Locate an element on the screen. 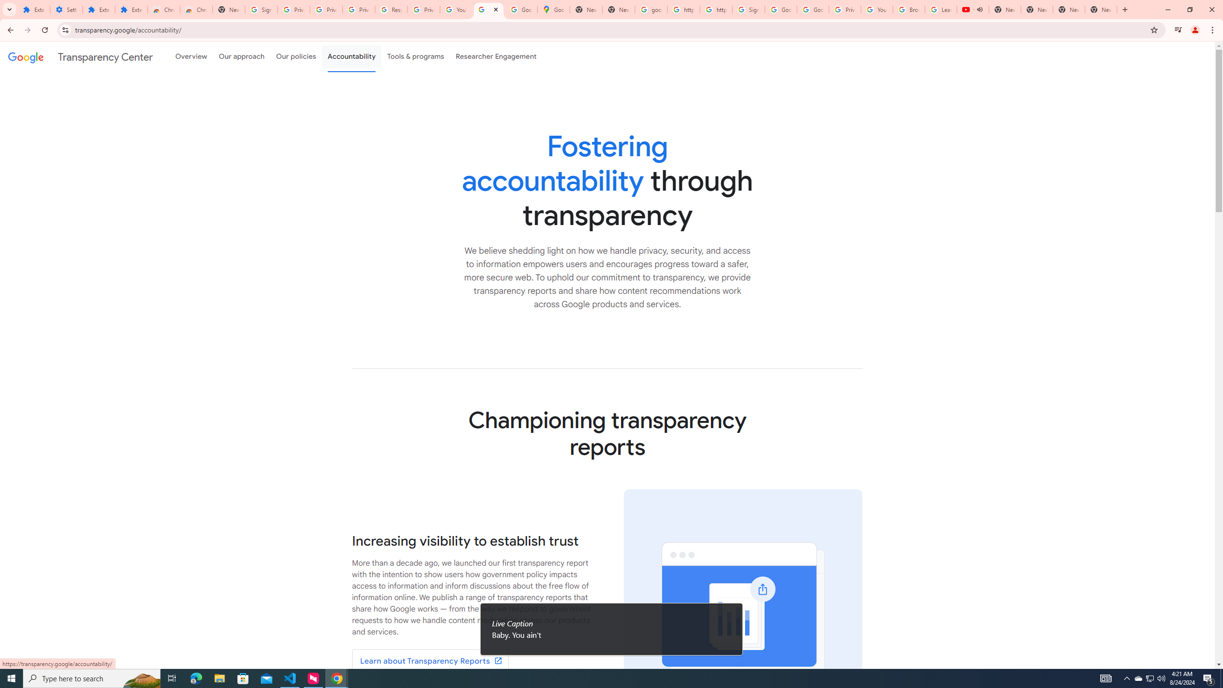 The image size is (1223, 688). 'Mute tab' is located at coordinates (979, 9).